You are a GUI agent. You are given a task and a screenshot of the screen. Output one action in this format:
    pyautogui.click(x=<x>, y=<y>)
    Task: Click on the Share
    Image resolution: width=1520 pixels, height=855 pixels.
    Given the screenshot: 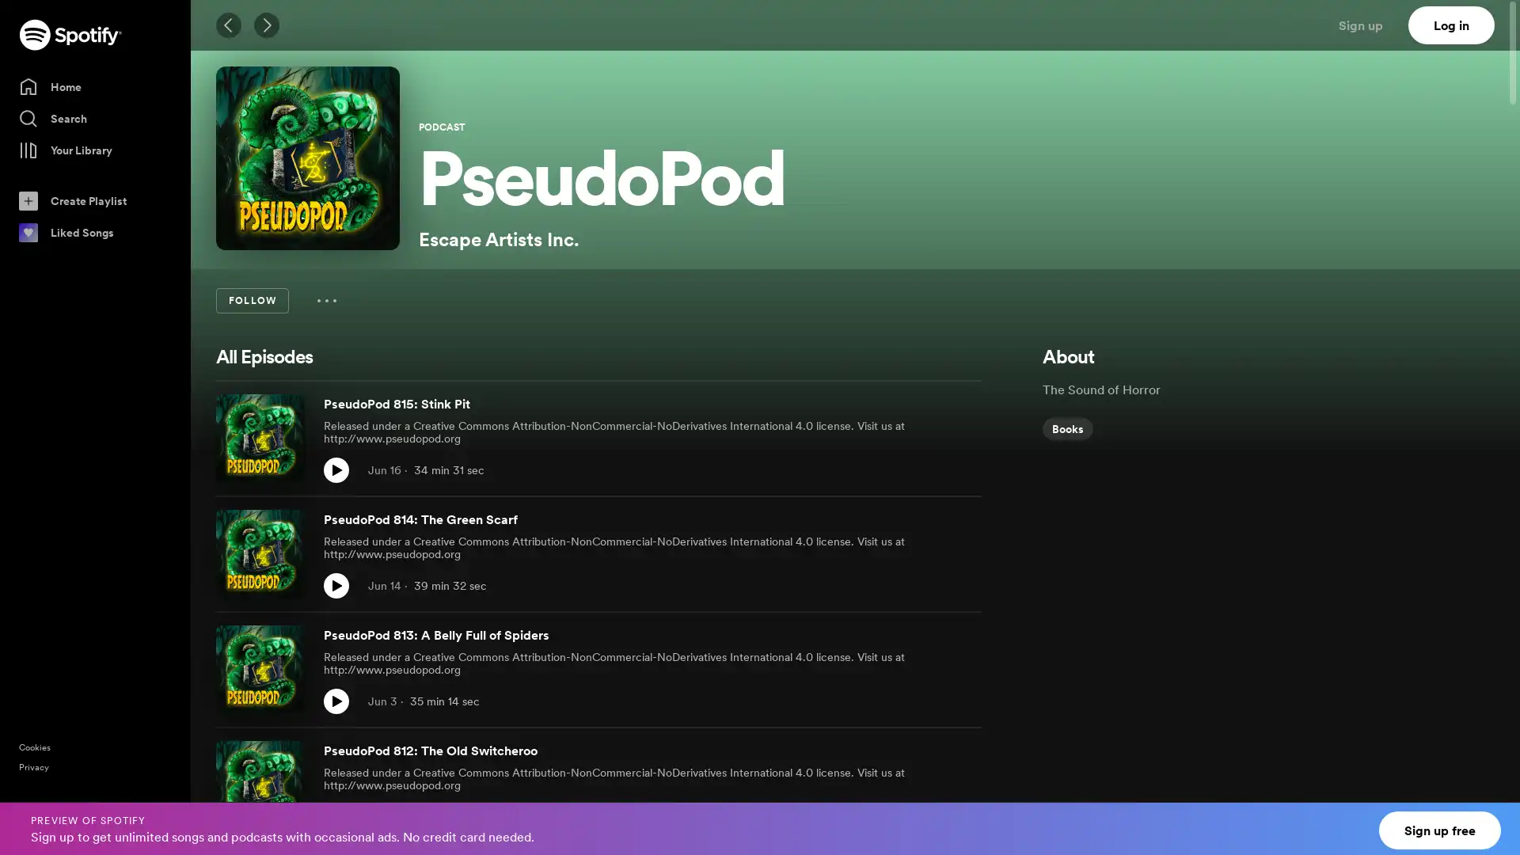 What is the action you would take?
    pyautogui.click(x=934, y=817)
    